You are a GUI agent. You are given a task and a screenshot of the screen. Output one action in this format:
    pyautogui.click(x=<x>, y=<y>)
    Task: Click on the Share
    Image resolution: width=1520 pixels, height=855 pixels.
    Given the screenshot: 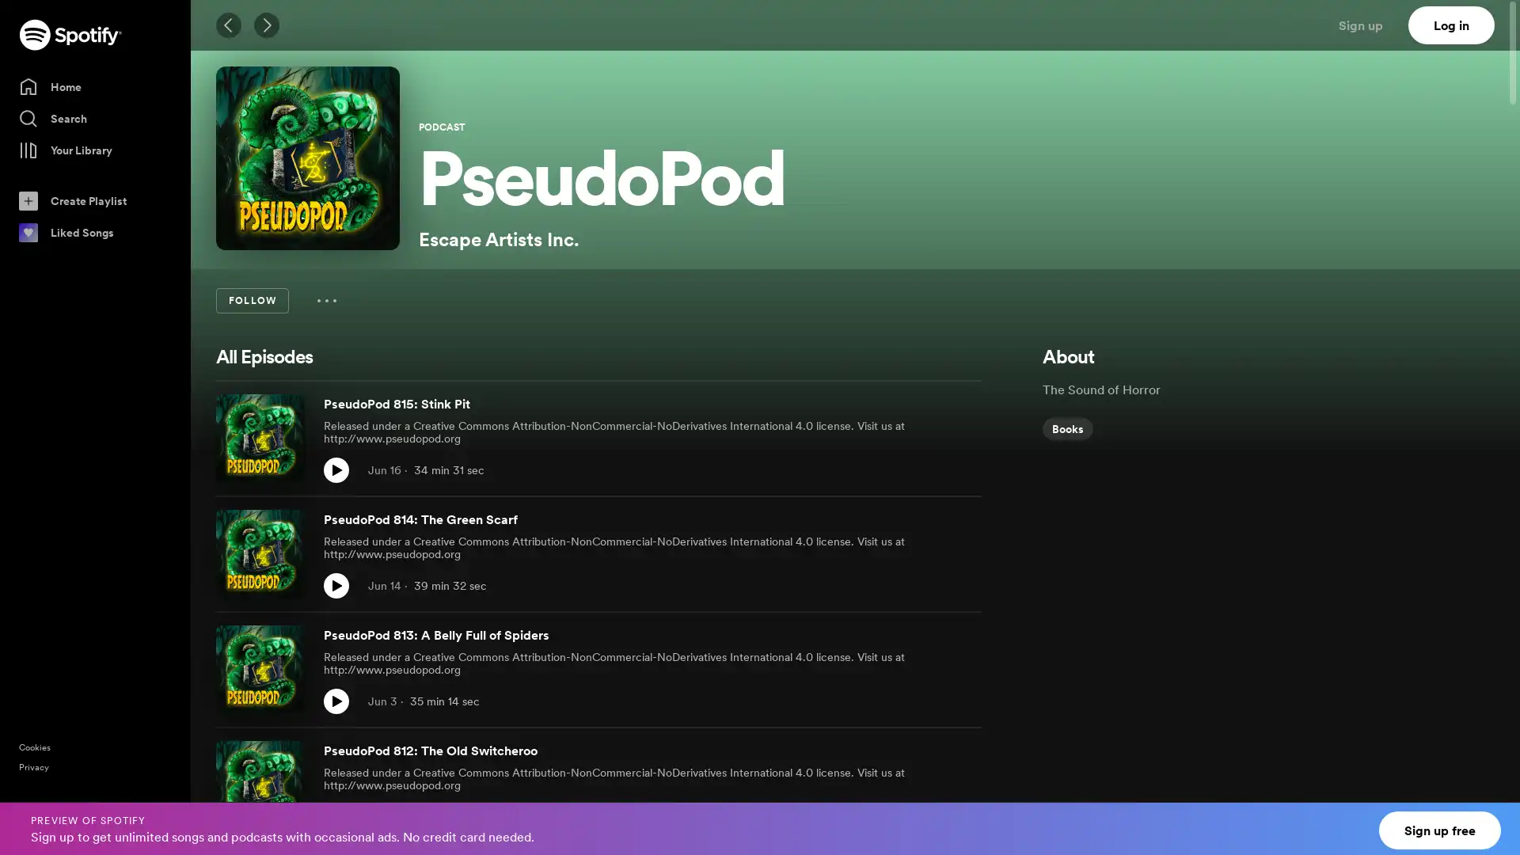 What is the action you would take?
    pyautogui.click(x=934, y=817)
    